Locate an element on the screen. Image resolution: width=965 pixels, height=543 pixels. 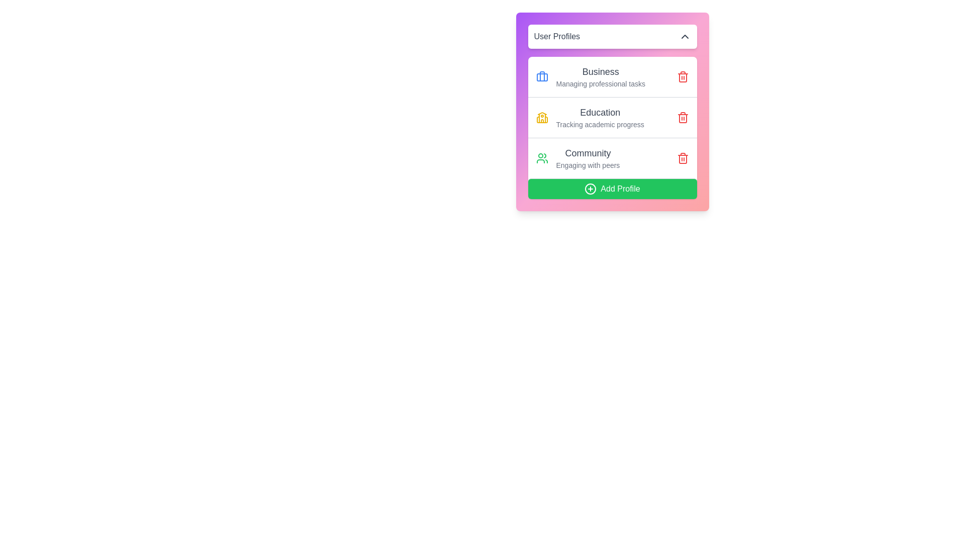
the static text label that reads 'Tracking academic progress', which is positioned directly beneath the 'Education' label is located at coordinates (600, 124).